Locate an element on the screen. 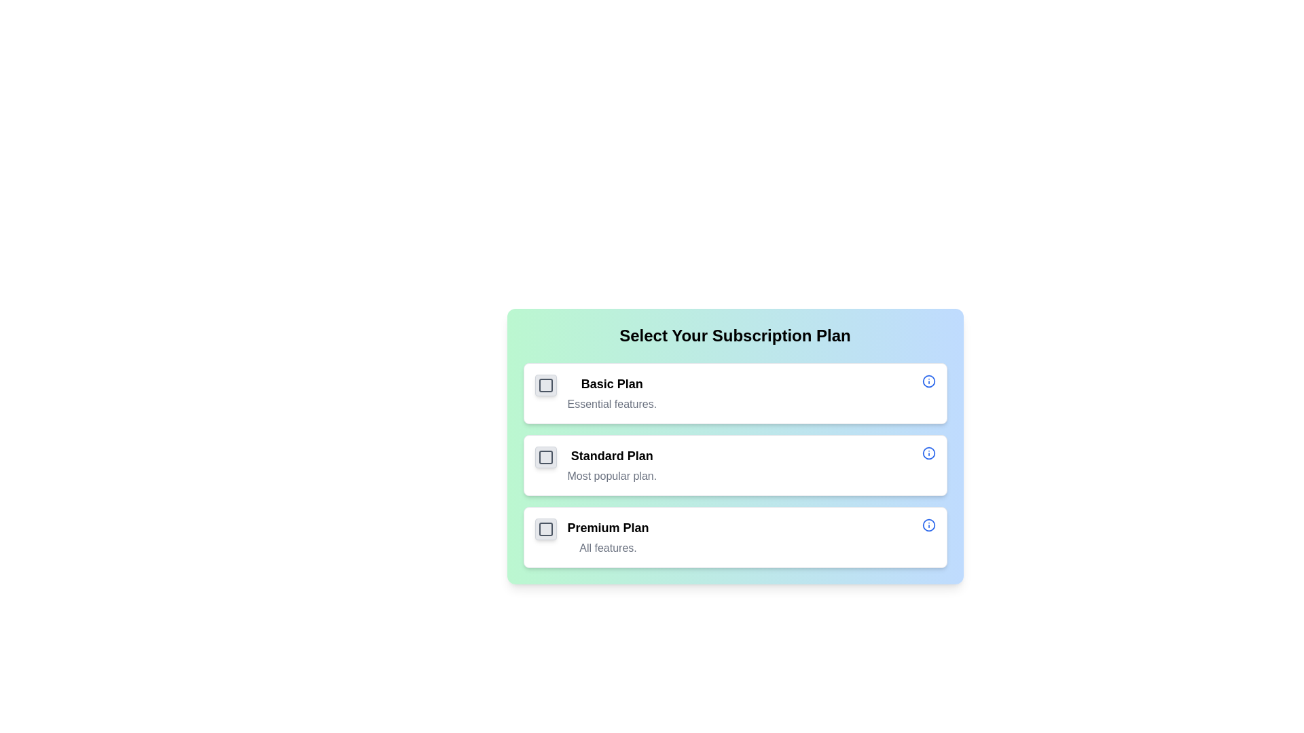  the circular interactive icon button with a blue outline containing an exclamation mark, located at the far right end of the 'Standard Plan' card is located at coordinates (928, 453).